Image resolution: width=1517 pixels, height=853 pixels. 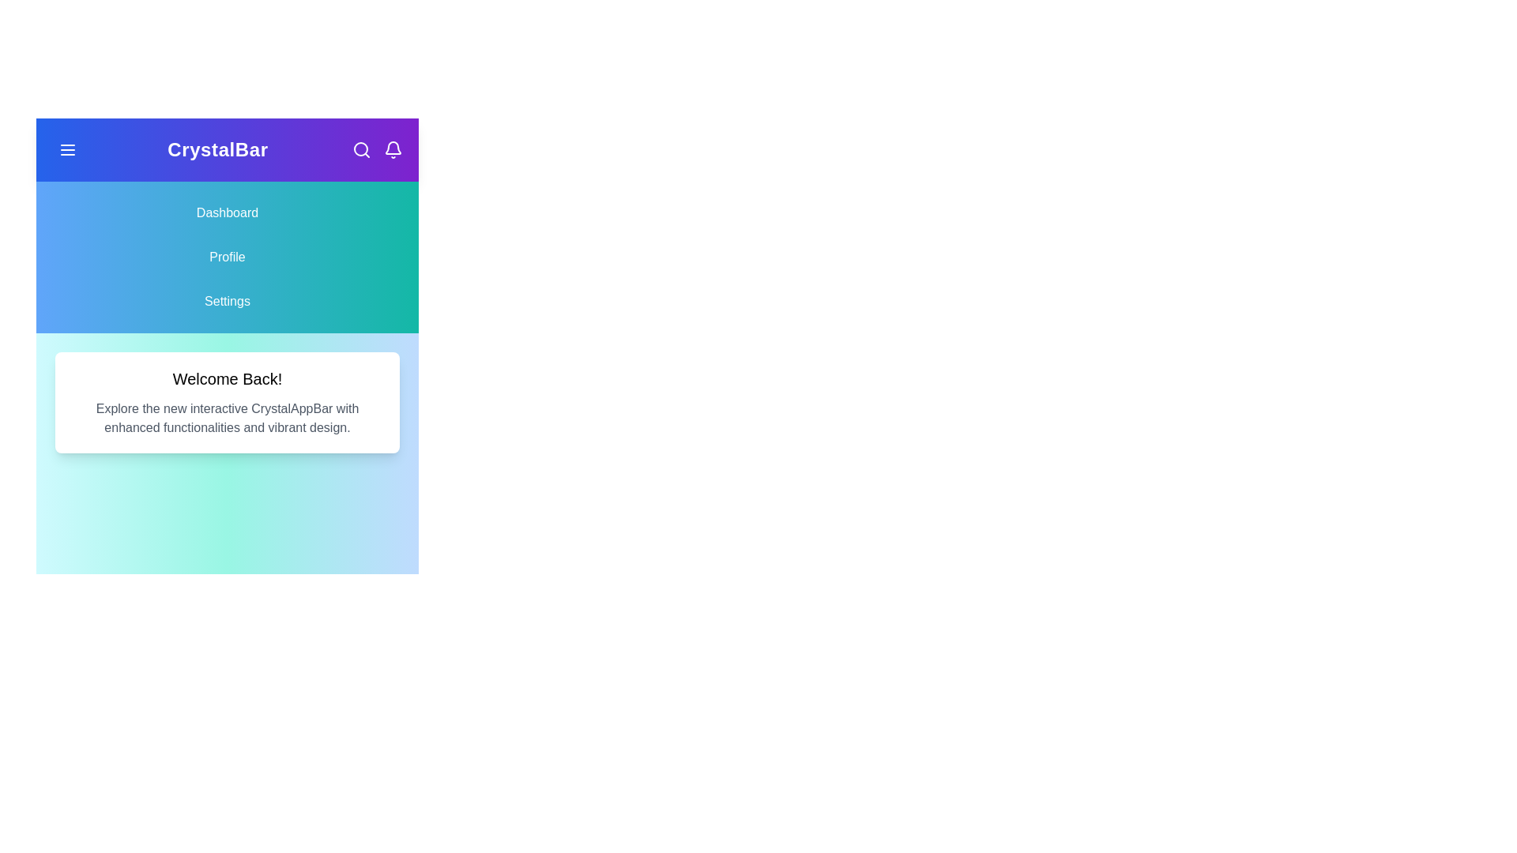 I want to click on the interactive element at search_icon, so click(x=360, y=149).